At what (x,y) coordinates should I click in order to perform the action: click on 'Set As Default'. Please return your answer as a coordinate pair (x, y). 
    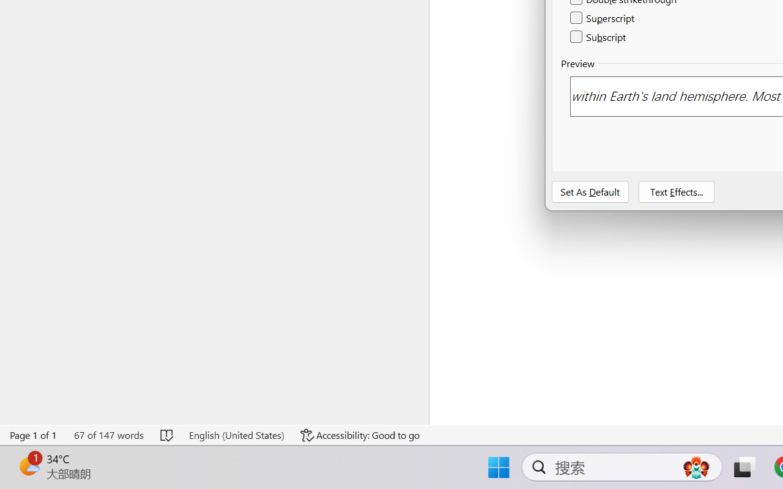
    Looking at the image, I should click on (590, 191).